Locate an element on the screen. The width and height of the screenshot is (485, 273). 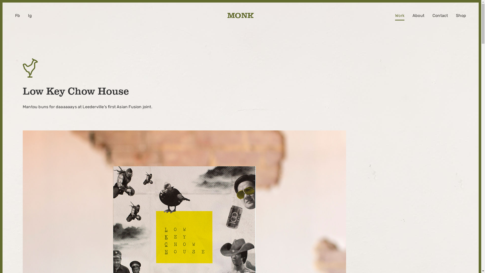
'Shop' is located at coordinates (456, 16).